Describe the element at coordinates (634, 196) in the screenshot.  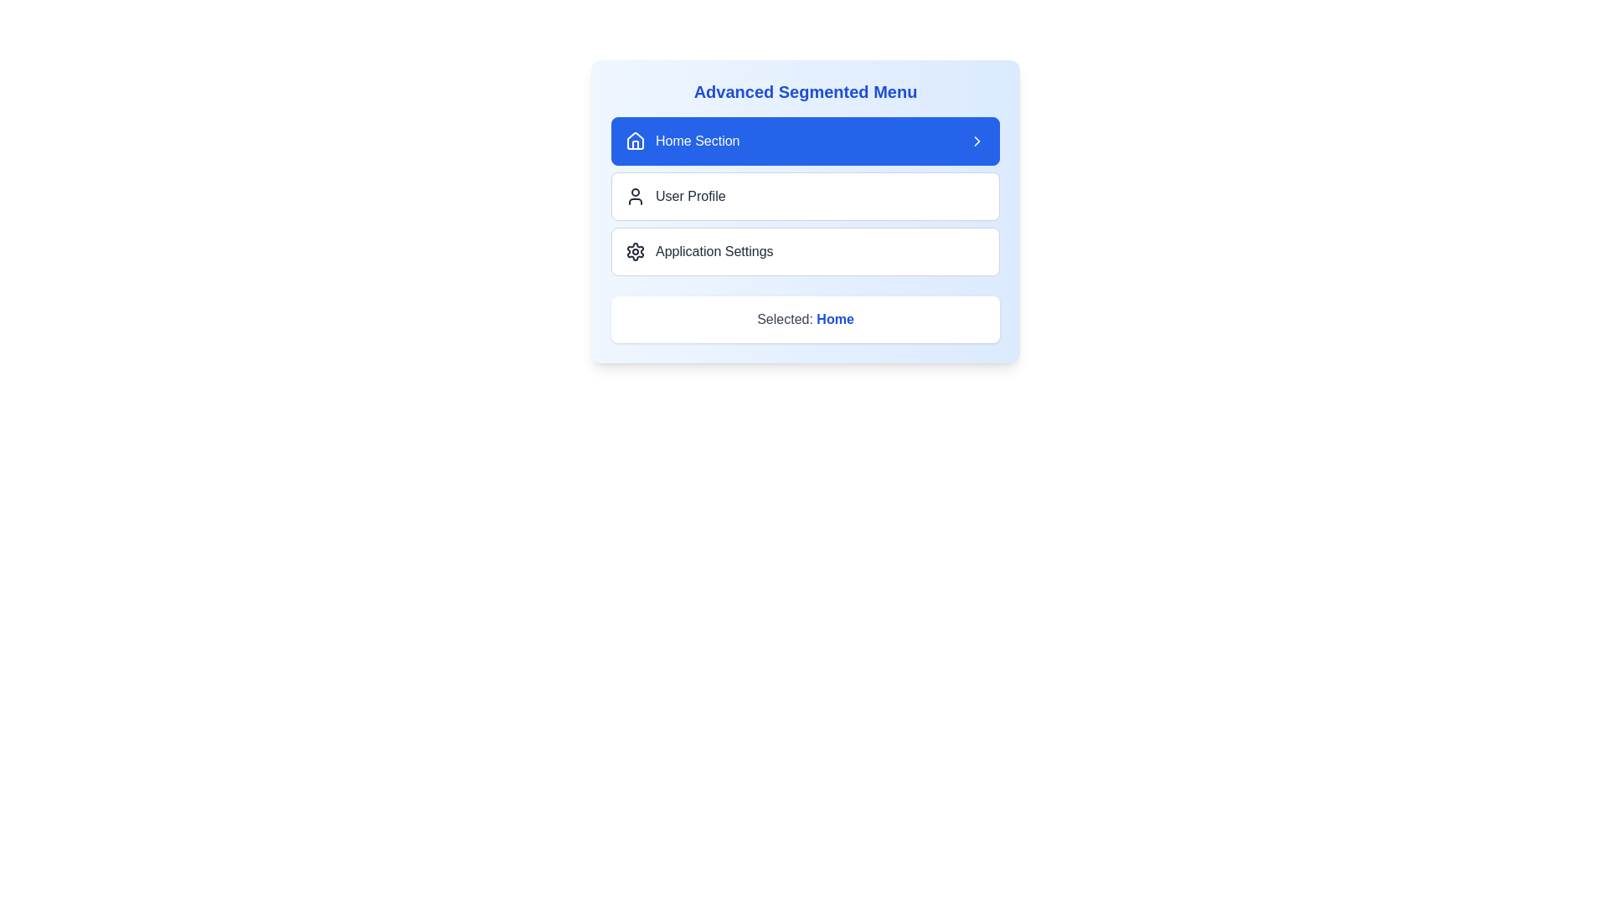
I see `the user silhouette icon located next to the 'User Profile' option in the menu for visual cues` at that location.